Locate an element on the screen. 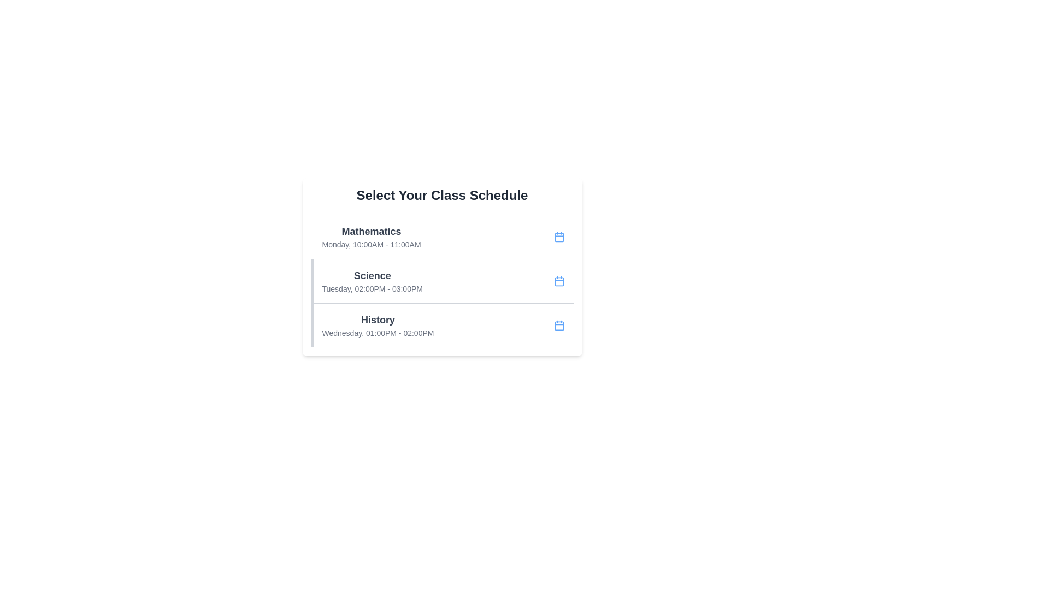  the blue rectangular shape with rounded corners that is part of the calendar icon, located to the right of the 'Mathematics' entry in the first row of the list is located at coordinates (559, 237).